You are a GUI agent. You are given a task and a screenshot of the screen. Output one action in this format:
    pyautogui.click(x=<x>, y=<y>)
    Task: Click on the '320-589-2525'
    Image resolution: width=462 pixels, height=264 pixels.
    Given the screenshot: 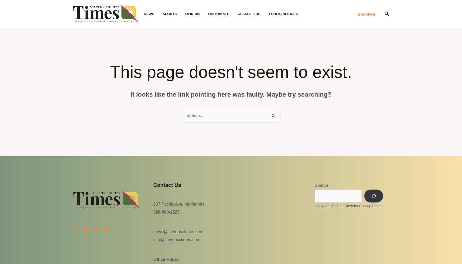 What is the action you would take?
    pyautogui.click(x=153, y=212)
    